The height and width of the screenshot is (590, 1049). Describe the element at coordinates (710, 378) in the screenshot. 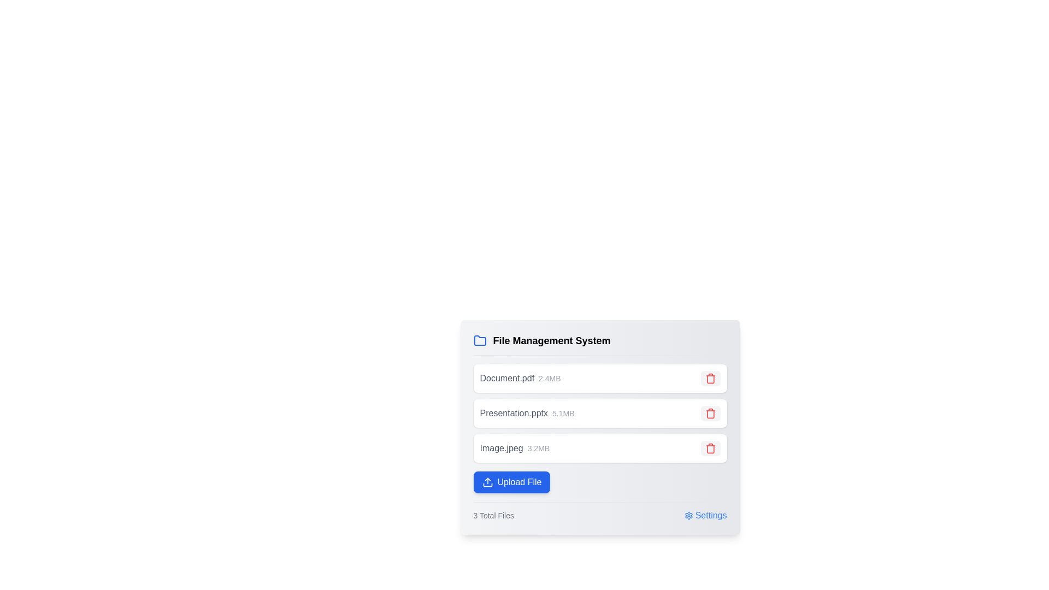

I see `the delete icon button located in the last column of the top row corresponding to the file named 'Document.pdf 2.4MB'` at that location.